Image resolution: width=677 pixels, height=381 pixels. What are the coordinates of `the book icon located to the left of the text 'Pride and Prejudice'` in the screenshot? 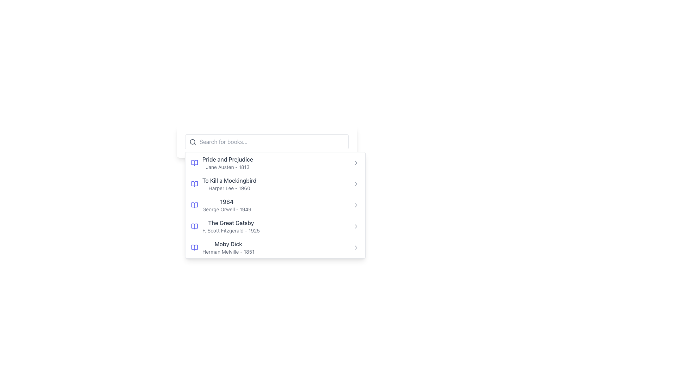 It's located at (195, 163).